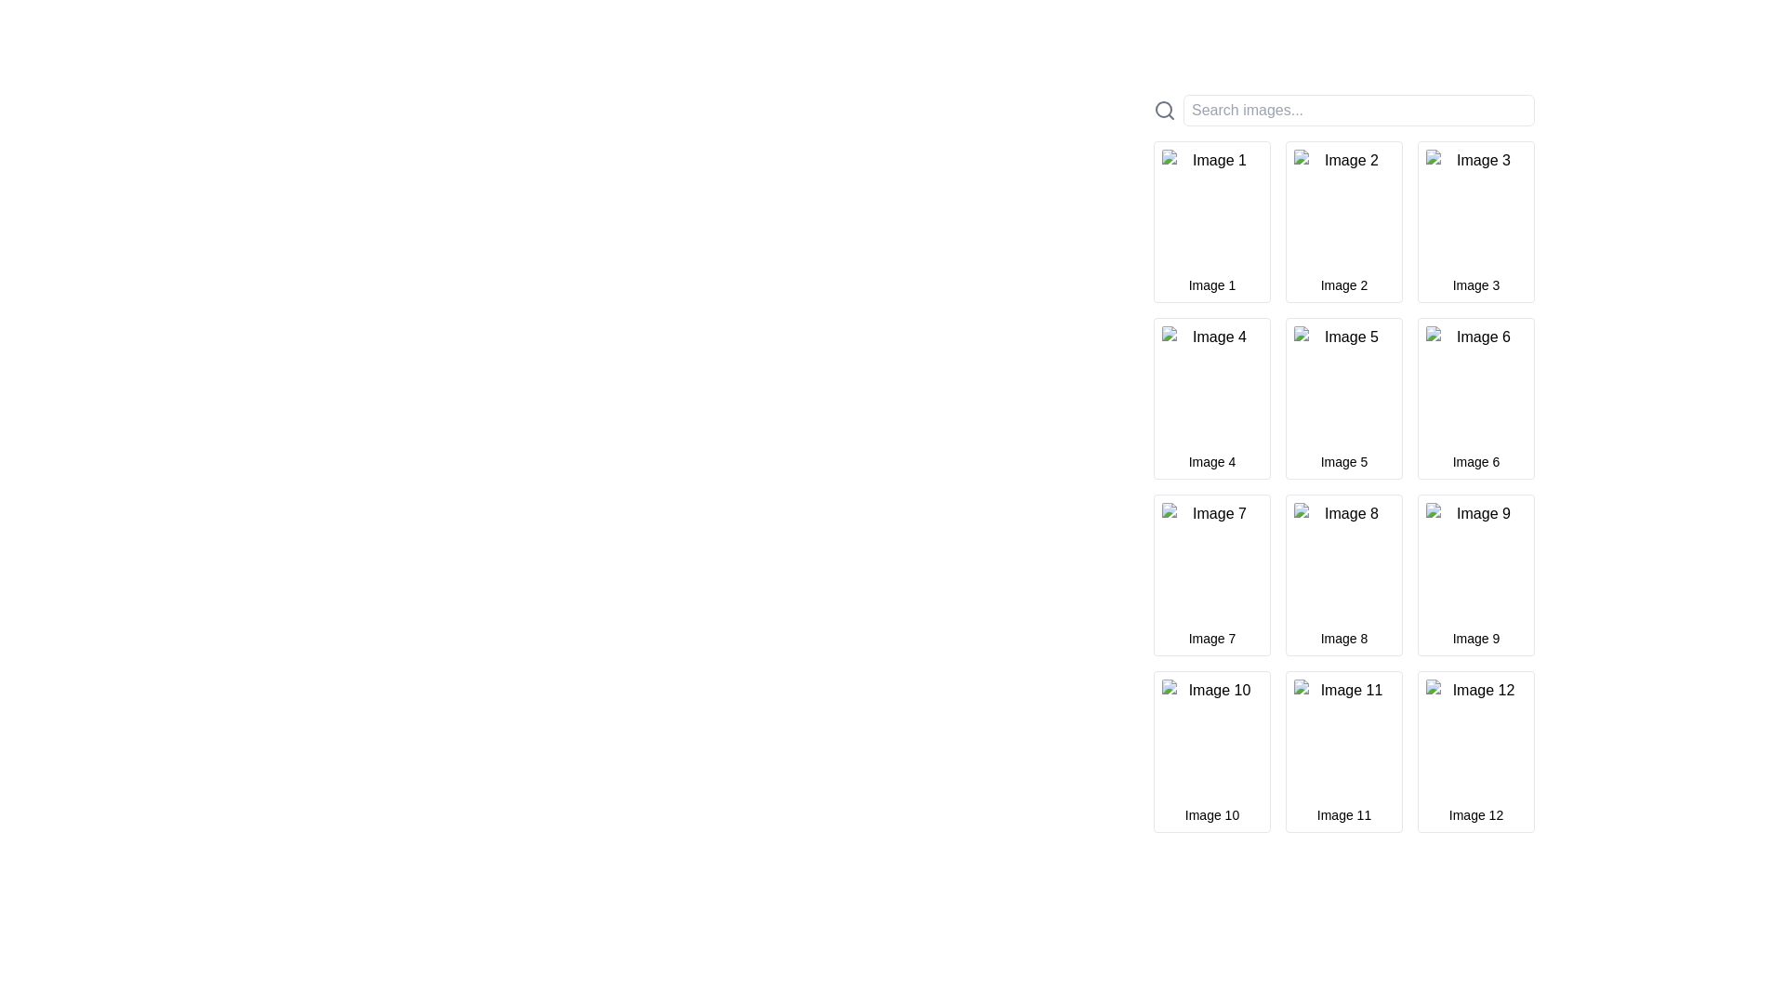 The height and width of the screenshot is (1004, 1785). What do you see at coordinates (1163, 111) in the screenshot?
I see `the circular gray magnifying glass icon located to the left of the search bar at the top-left corner of the interface` at bounding box center [1163, 111].